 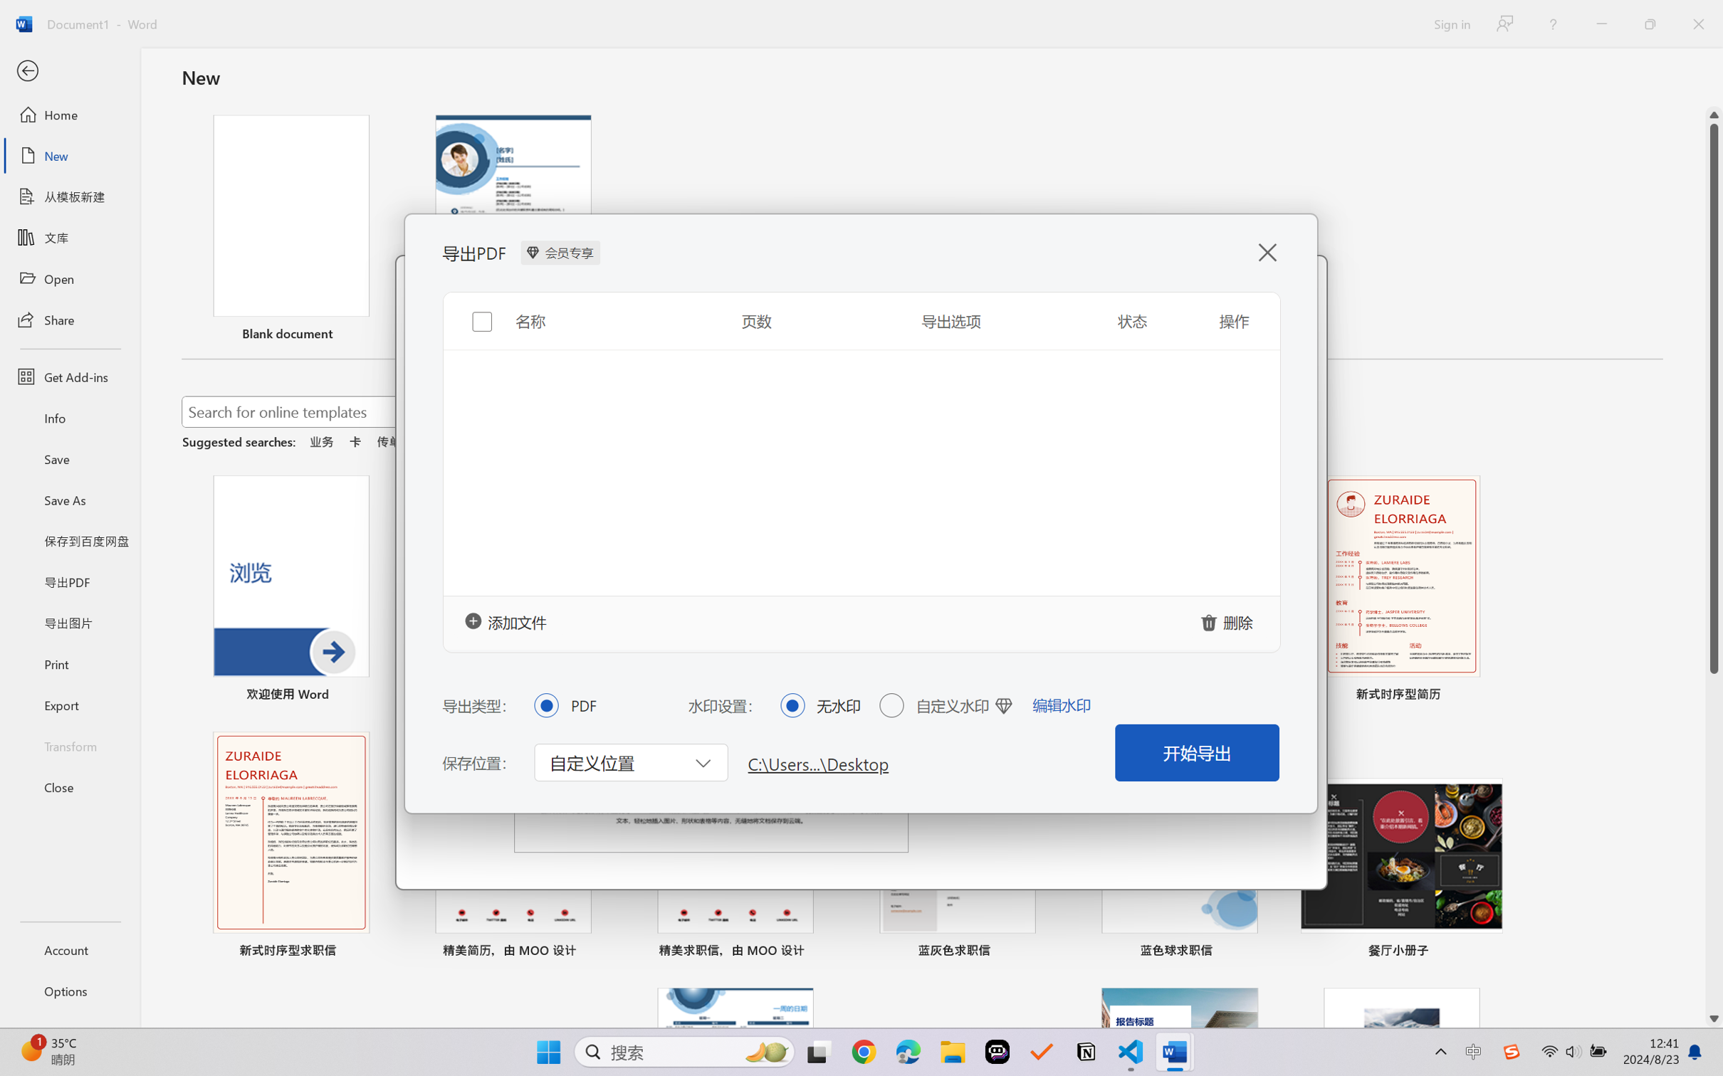 What do you see at coordinates (69, 376) in the screenshot?
I see `'Get Add-ins'` at bounding box center [69, 376].